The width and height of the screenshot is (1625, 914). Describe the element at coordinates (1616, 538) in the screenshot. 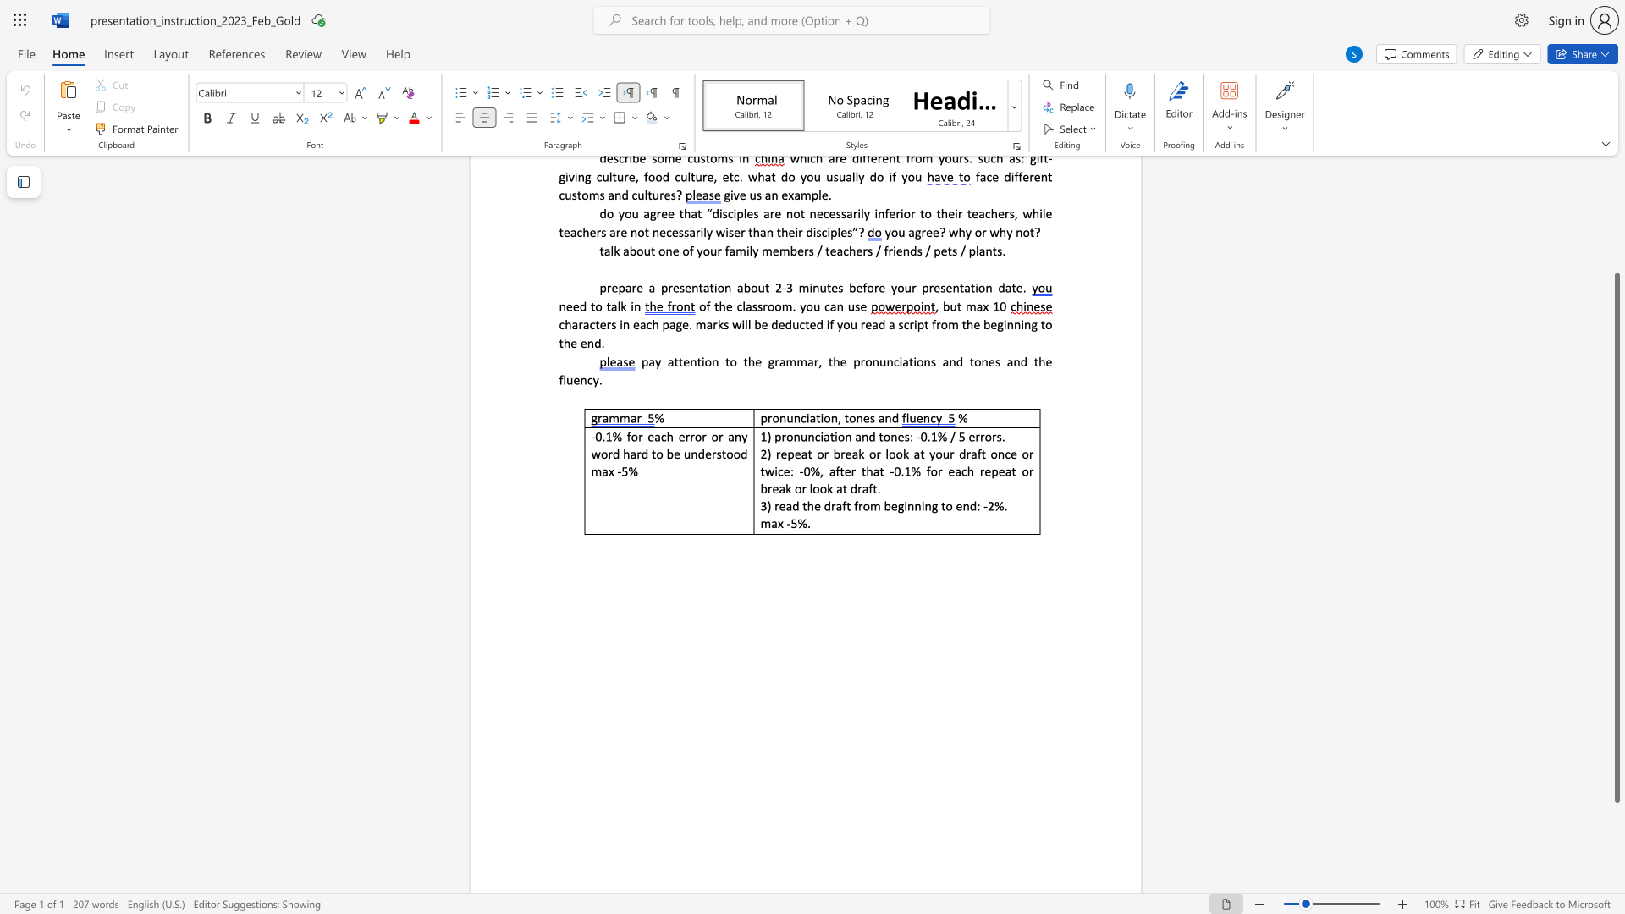

I see `the scrollbar and move up 180 pixels` at that location.